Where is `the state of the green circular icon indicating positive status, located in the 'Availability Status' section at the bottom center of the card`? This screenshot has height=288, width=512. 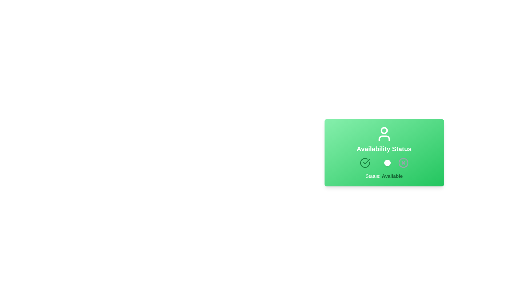
the state of the green circular icon indicating positive status, located in the 'Availability Status' section at the bottom center of the card is located at coordinates (366, 161).